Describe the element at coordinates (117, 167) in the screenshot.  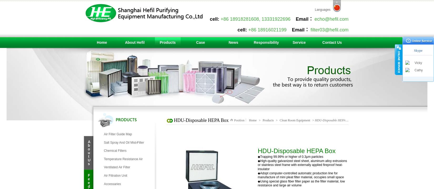
I see `'Ventilated Air Filter'` at that location.